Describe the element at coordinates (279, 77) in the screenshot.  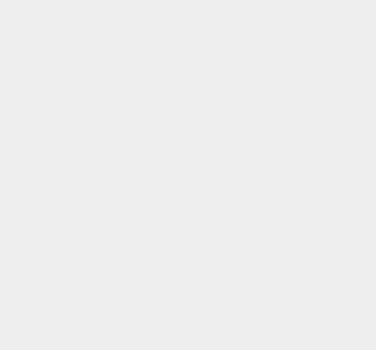
I see `'Visual Studio'` at that location.